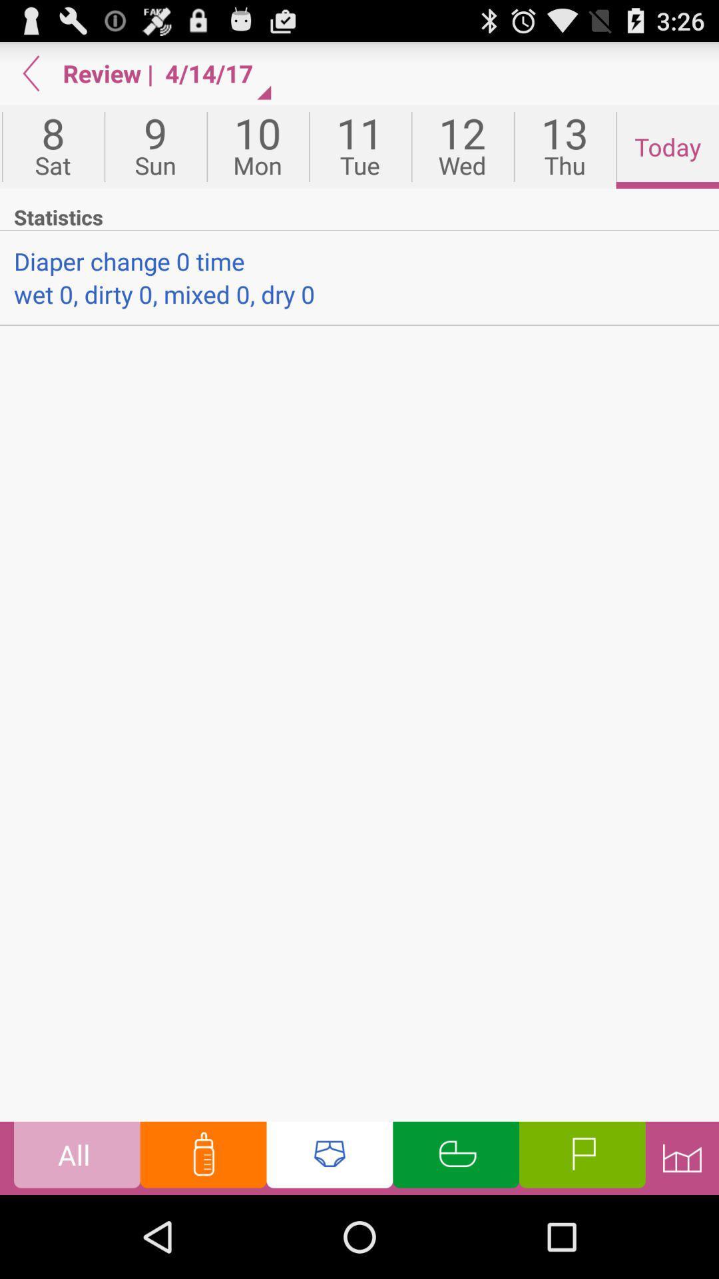 The height and width of the screenshot is (1279, 719). I want to click on app next to 12 item, so click(565, 147).